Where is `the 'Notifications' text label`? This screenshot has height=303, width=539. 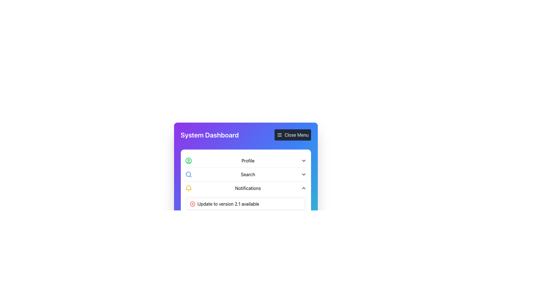 the 'Notifications' text label is located at coordinates (248, 188).